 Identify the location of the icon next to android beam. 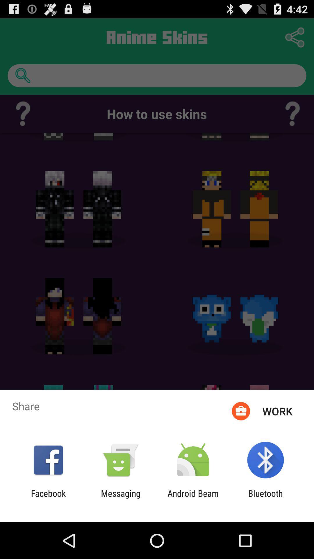
(265, 498).